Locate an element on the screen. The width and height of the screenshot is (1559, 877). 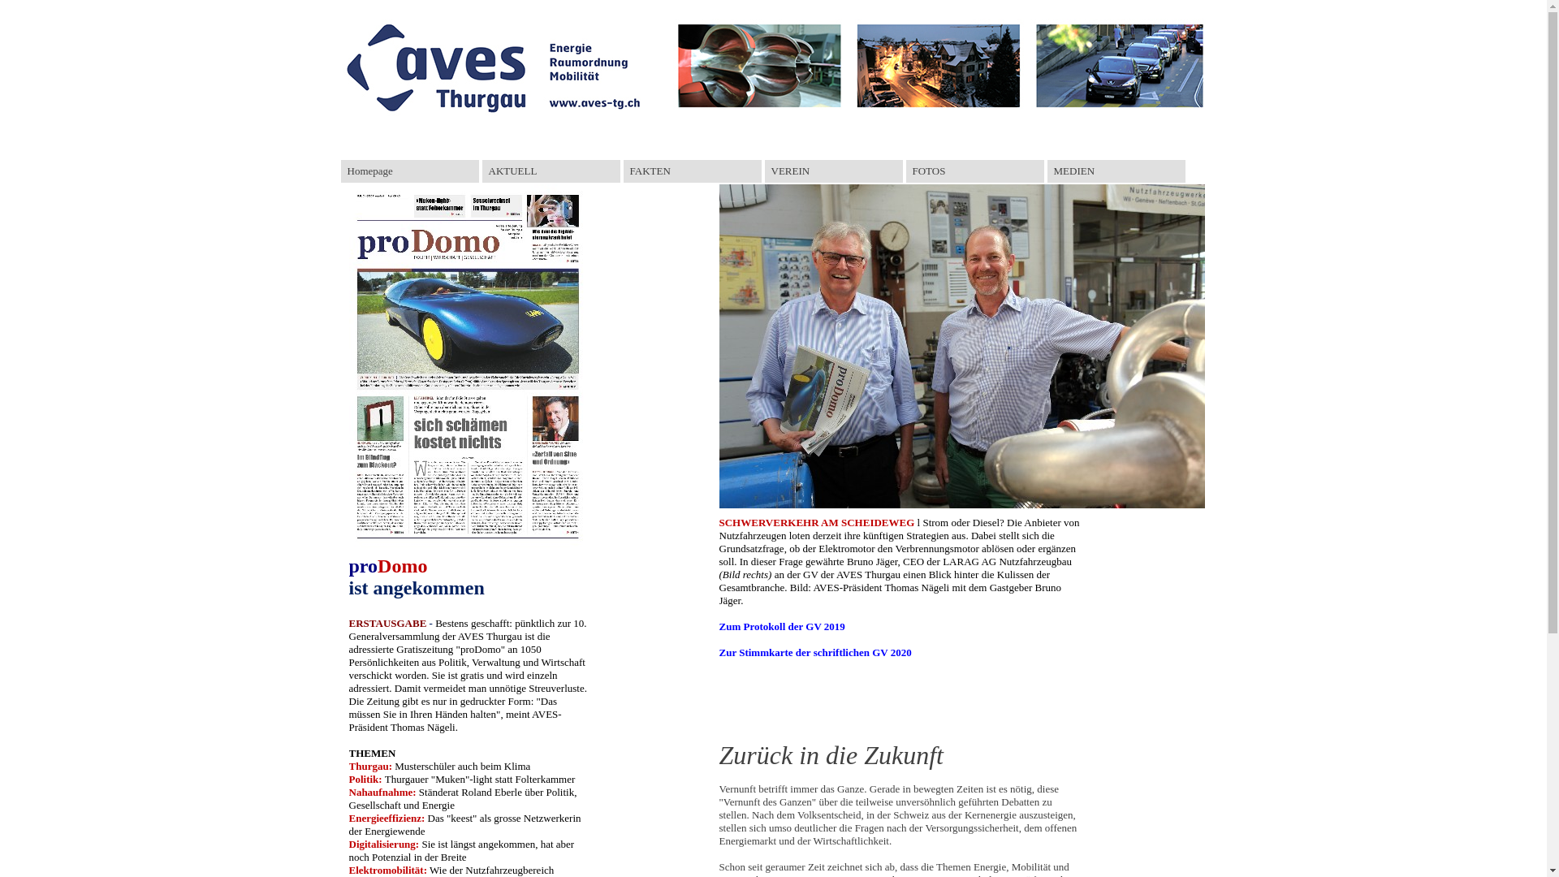
'FAKTEN' is located at coordinates (693, 171).